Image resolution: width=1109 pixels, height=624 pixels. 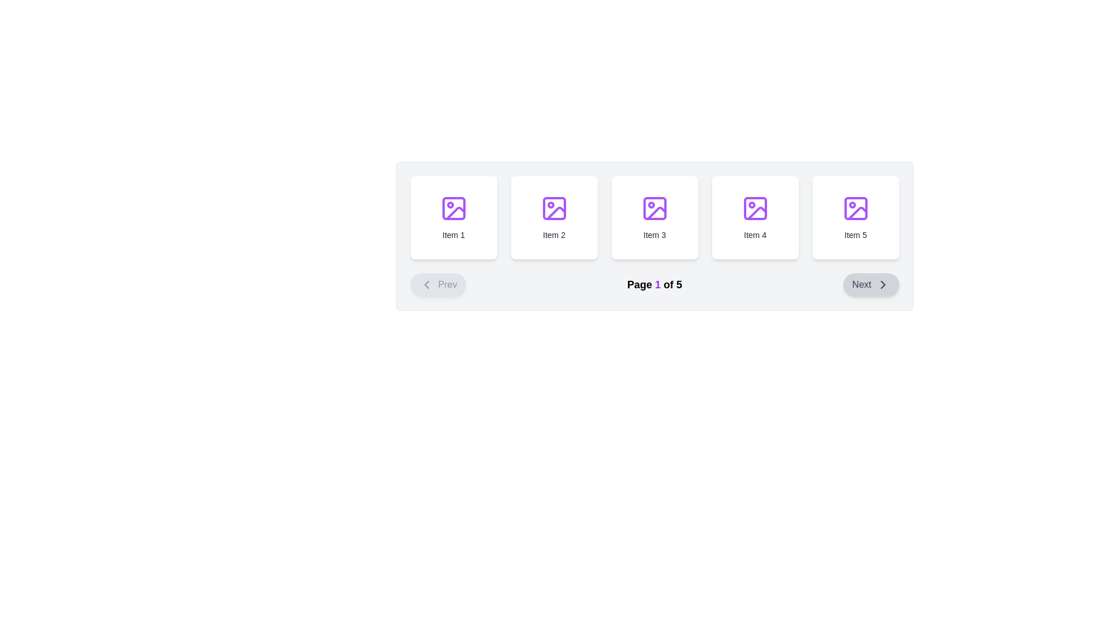 What do you see at coordinates (855, 209) in the screenshot?
I see `the purple SVG icon resembling an image frame located in the fifth item of a horizontally aligned list, above the label 'Item 5'` at bounding box center [855, 209].